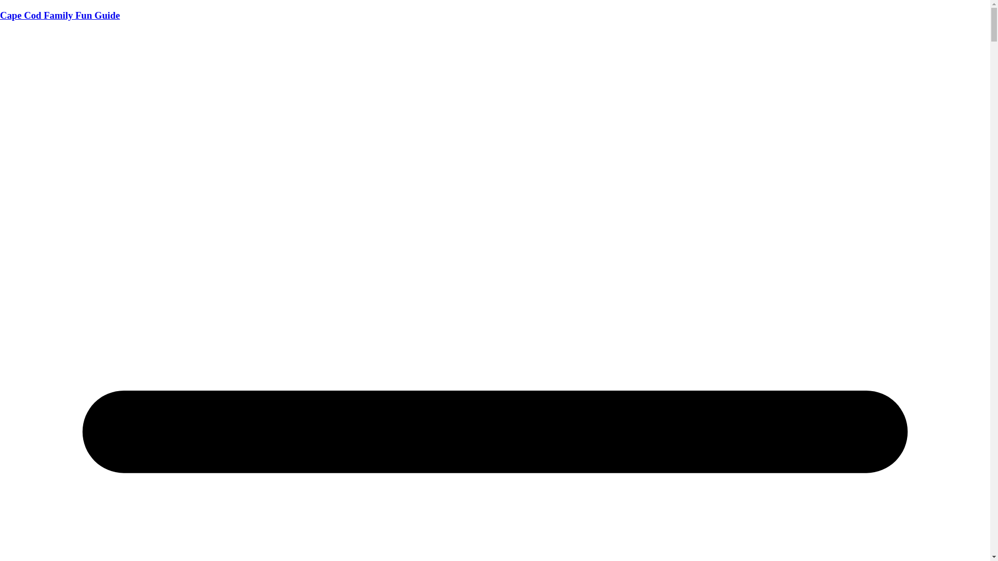 Image resolution: width=998 pixels, height=561 pixels. I want to click on 'Advertisement', so click(494, 103).